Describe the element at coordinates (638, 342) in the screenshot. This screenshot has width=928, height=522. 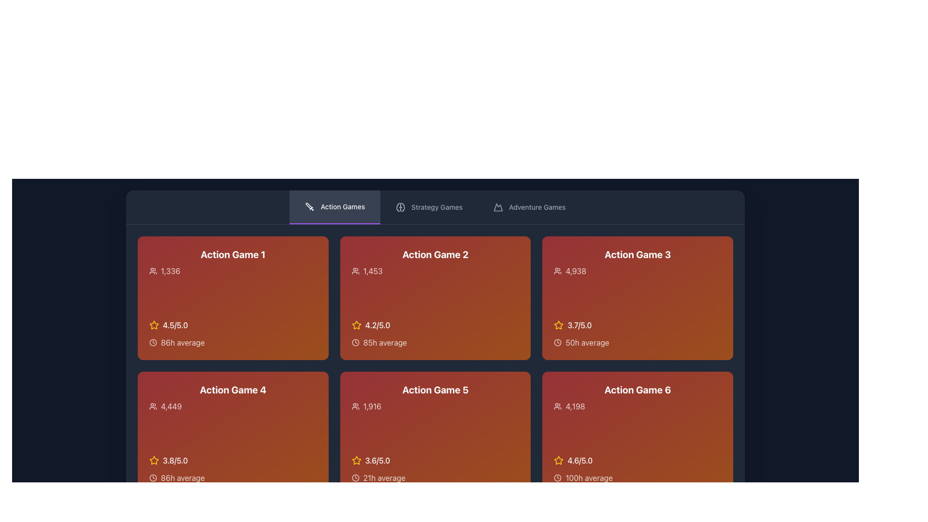
I see `information text about the average playtime for 'Action Game 3', which is located at the bottom-right of the card and is the second line beneath the star rating, to the right of the clock icon` at that location.